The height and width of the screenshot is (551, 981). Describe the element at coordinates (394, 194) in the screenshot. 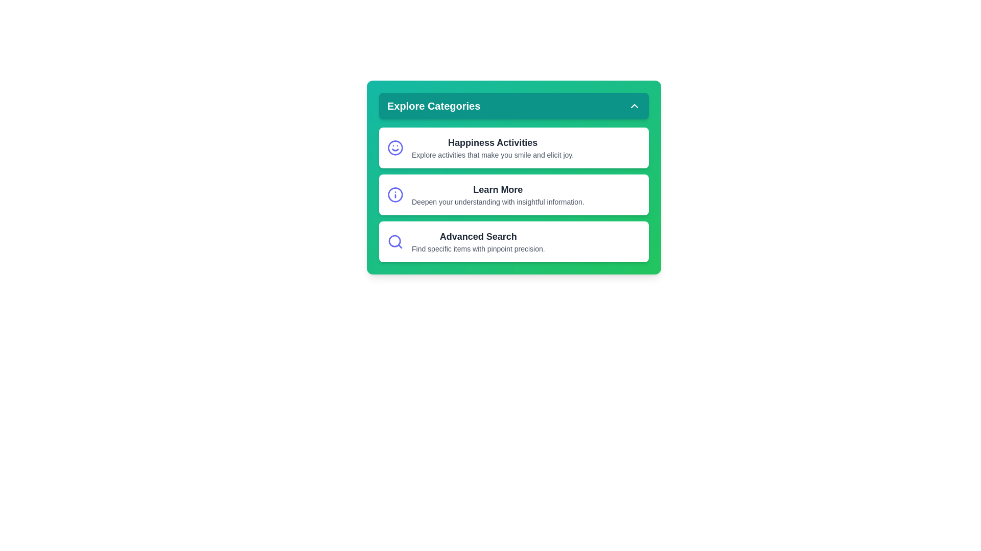

I see `the icon next to the category label Learn More` at that location.